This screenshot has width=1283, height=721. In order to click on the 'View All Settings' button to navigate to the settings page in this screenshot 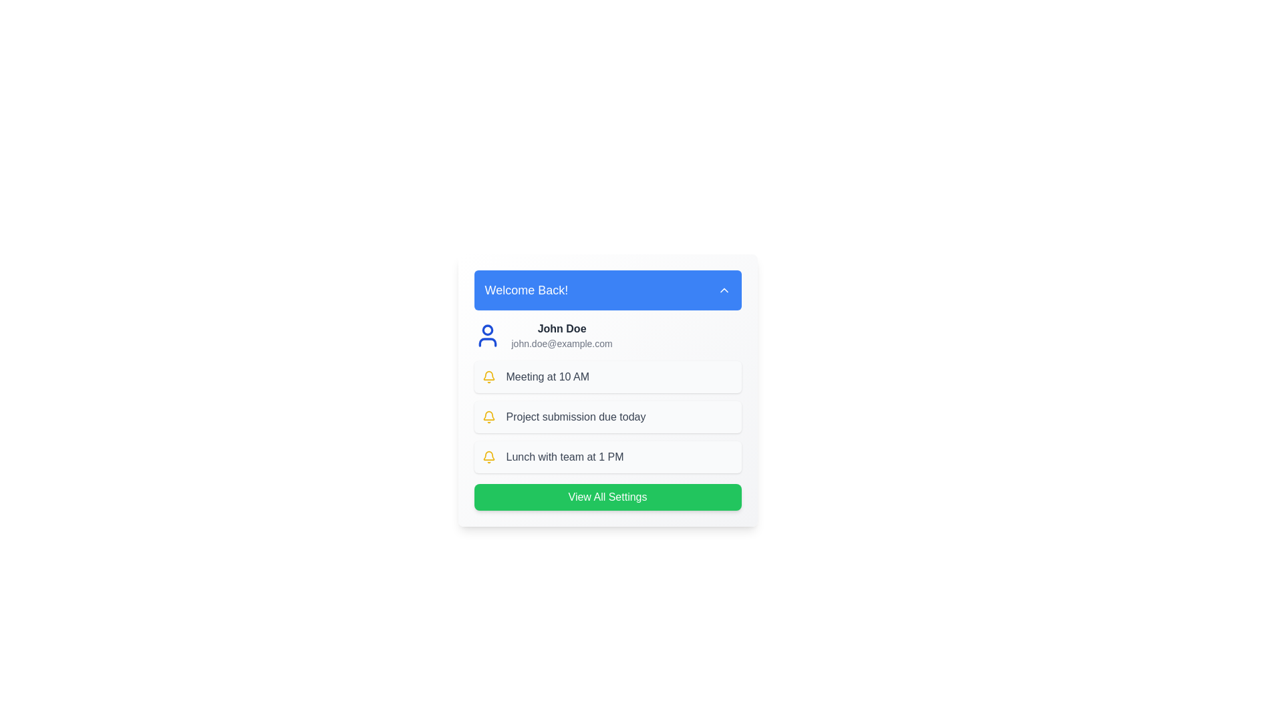, I will do `click(607, 497)`.